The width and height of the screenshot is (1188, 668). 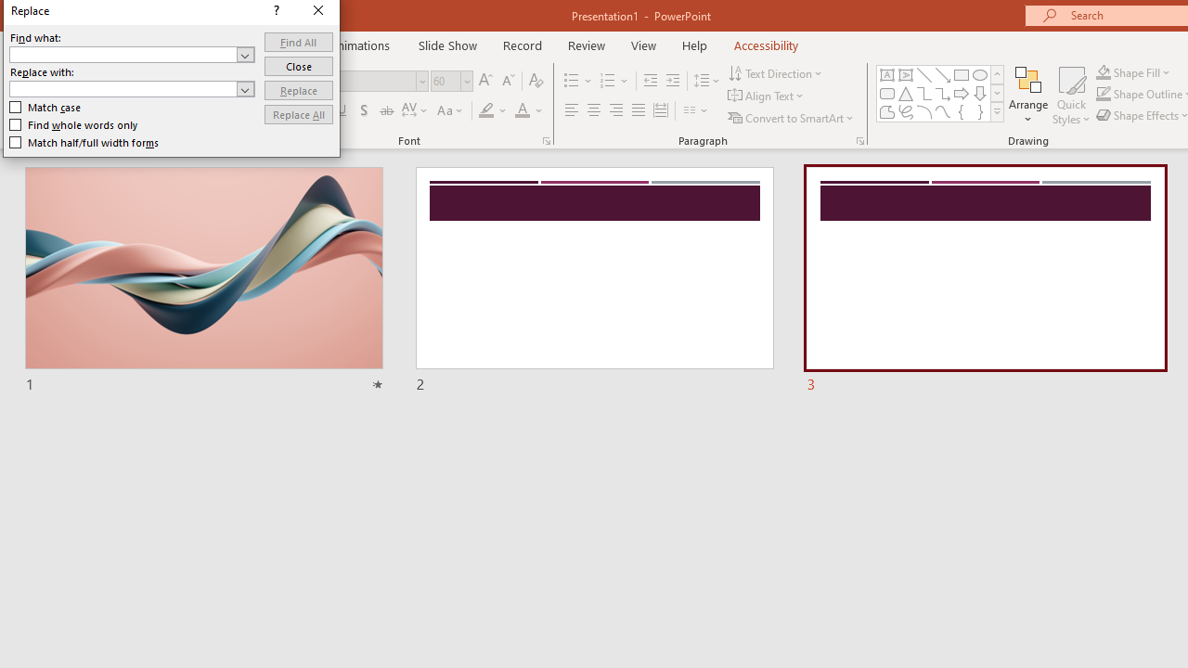 I want to click on 'Change Case', so click(x=451, y=110).